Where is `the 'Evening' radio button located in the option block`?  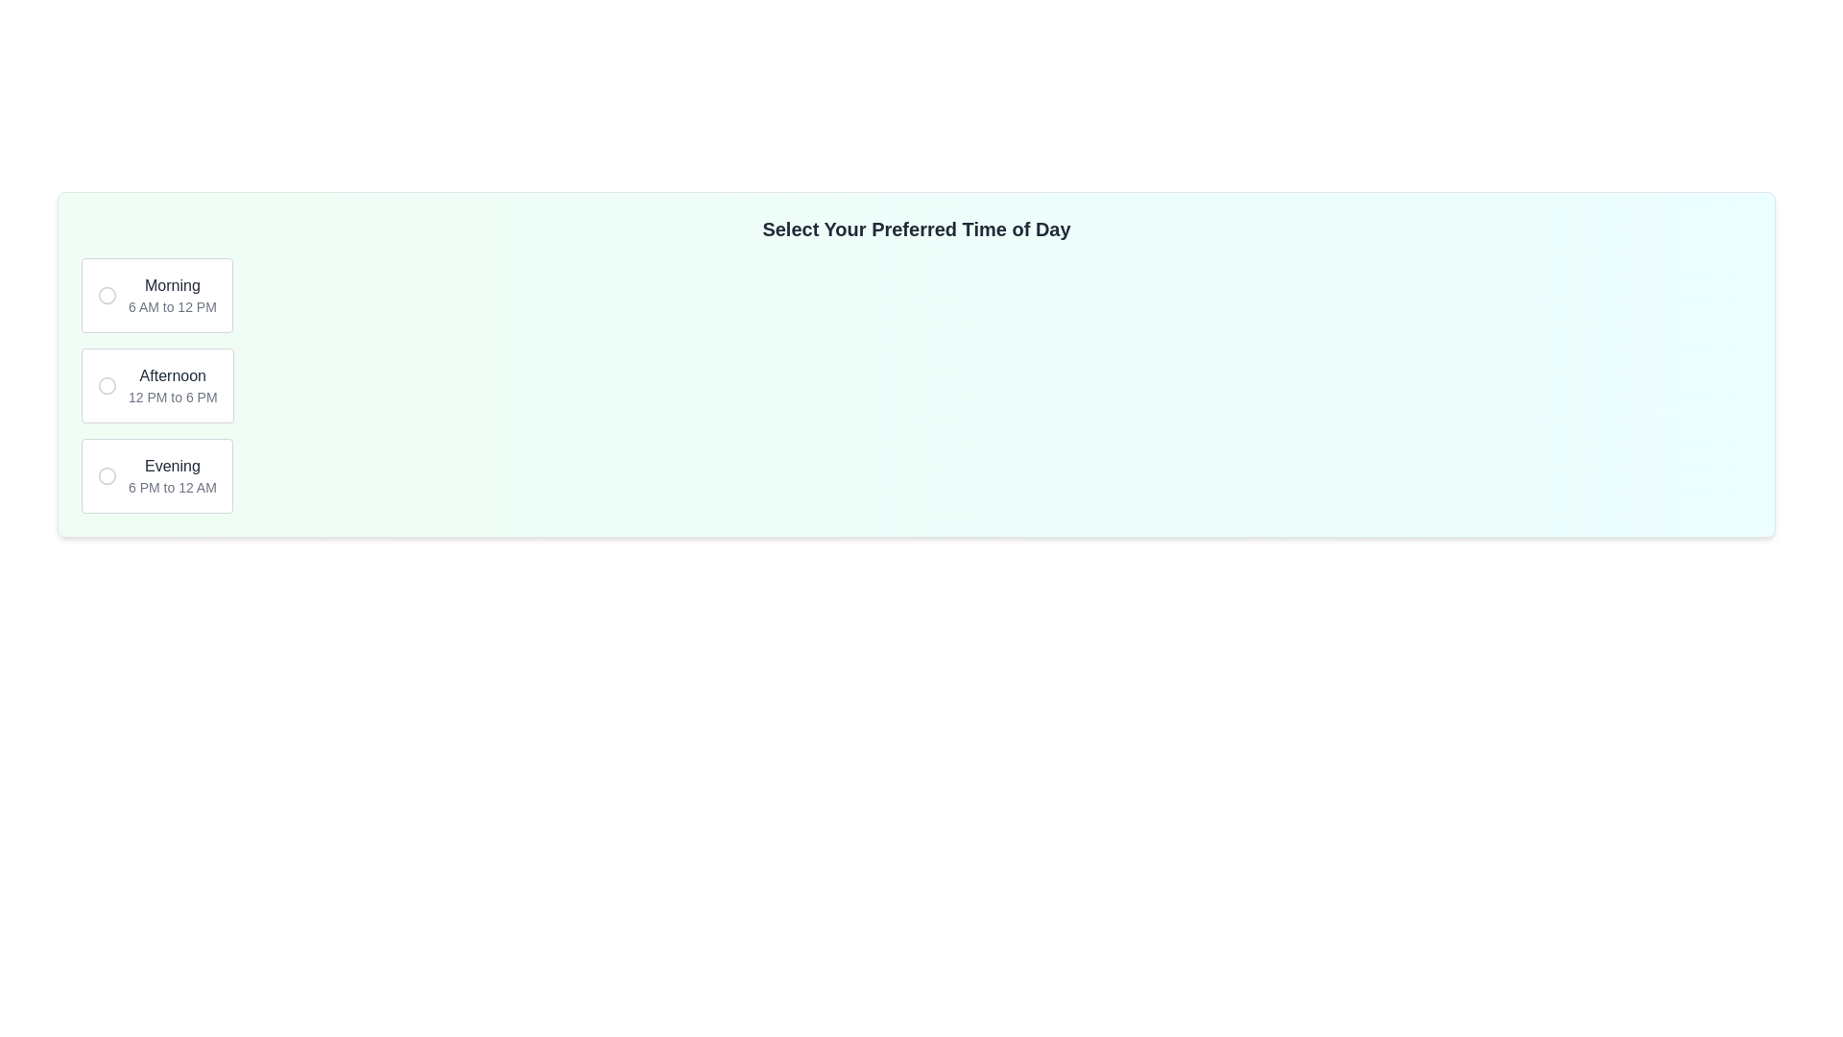 the 'Evening' radio button located in the option block is located at coordinates (106, 475).